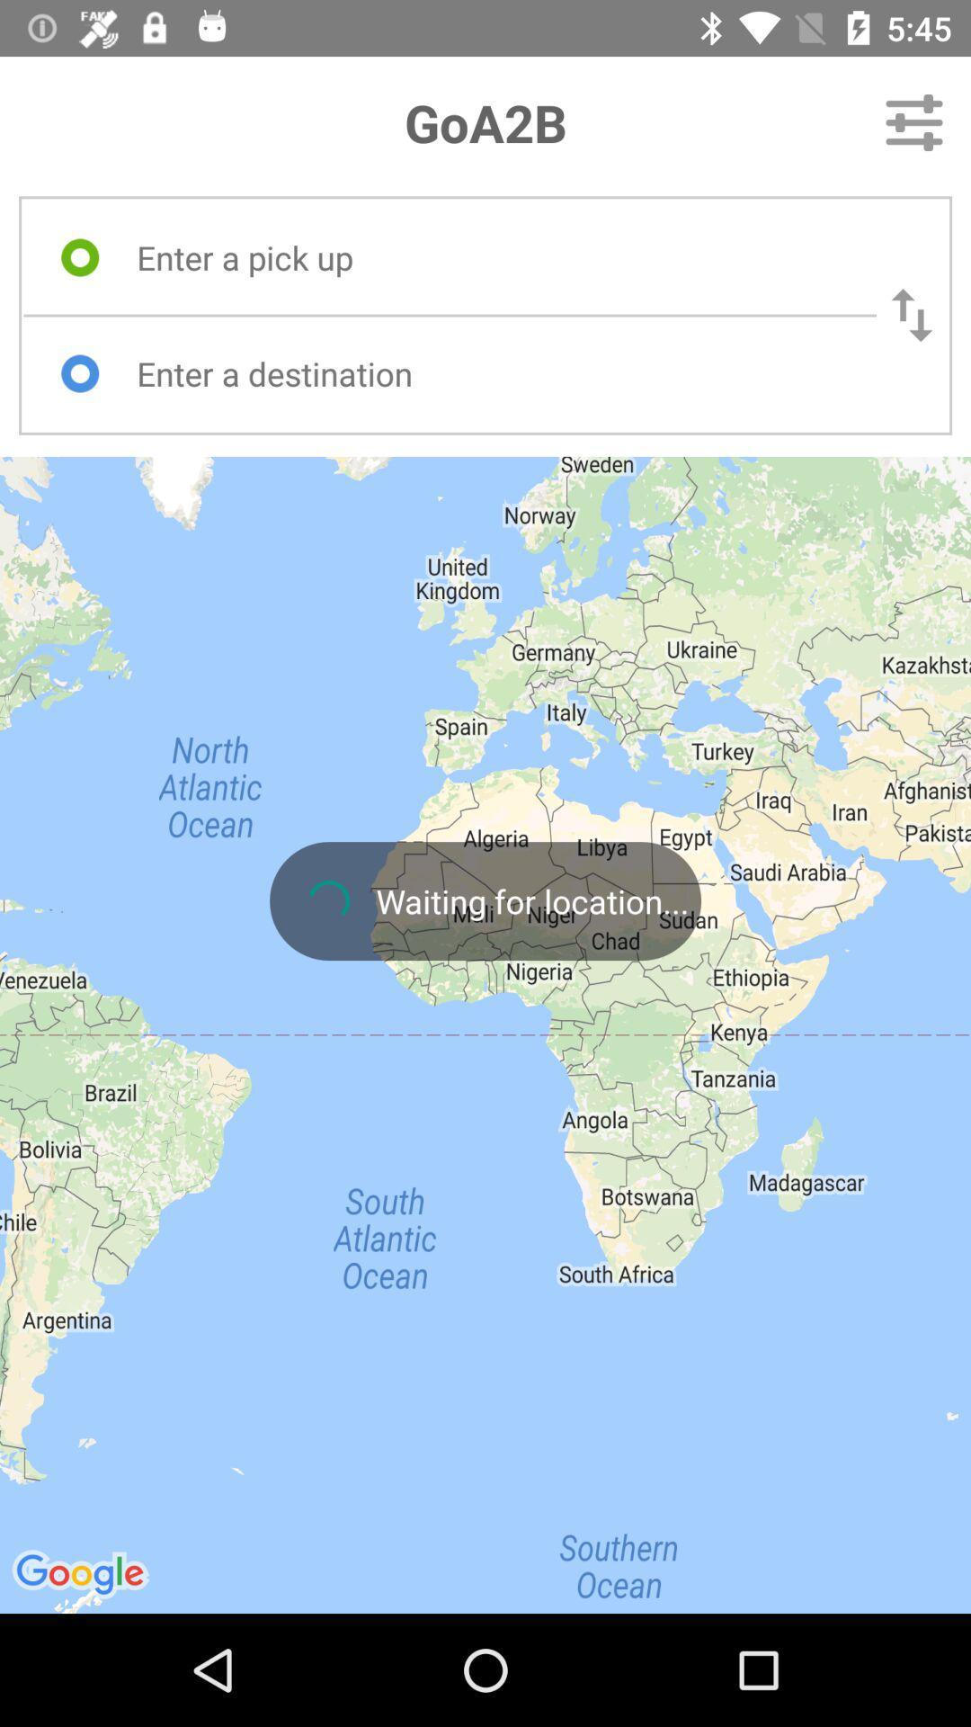  What do you see at coordinates (490, 372) in the screenshot?
I see `destination box` at bounding box center [490, 372].